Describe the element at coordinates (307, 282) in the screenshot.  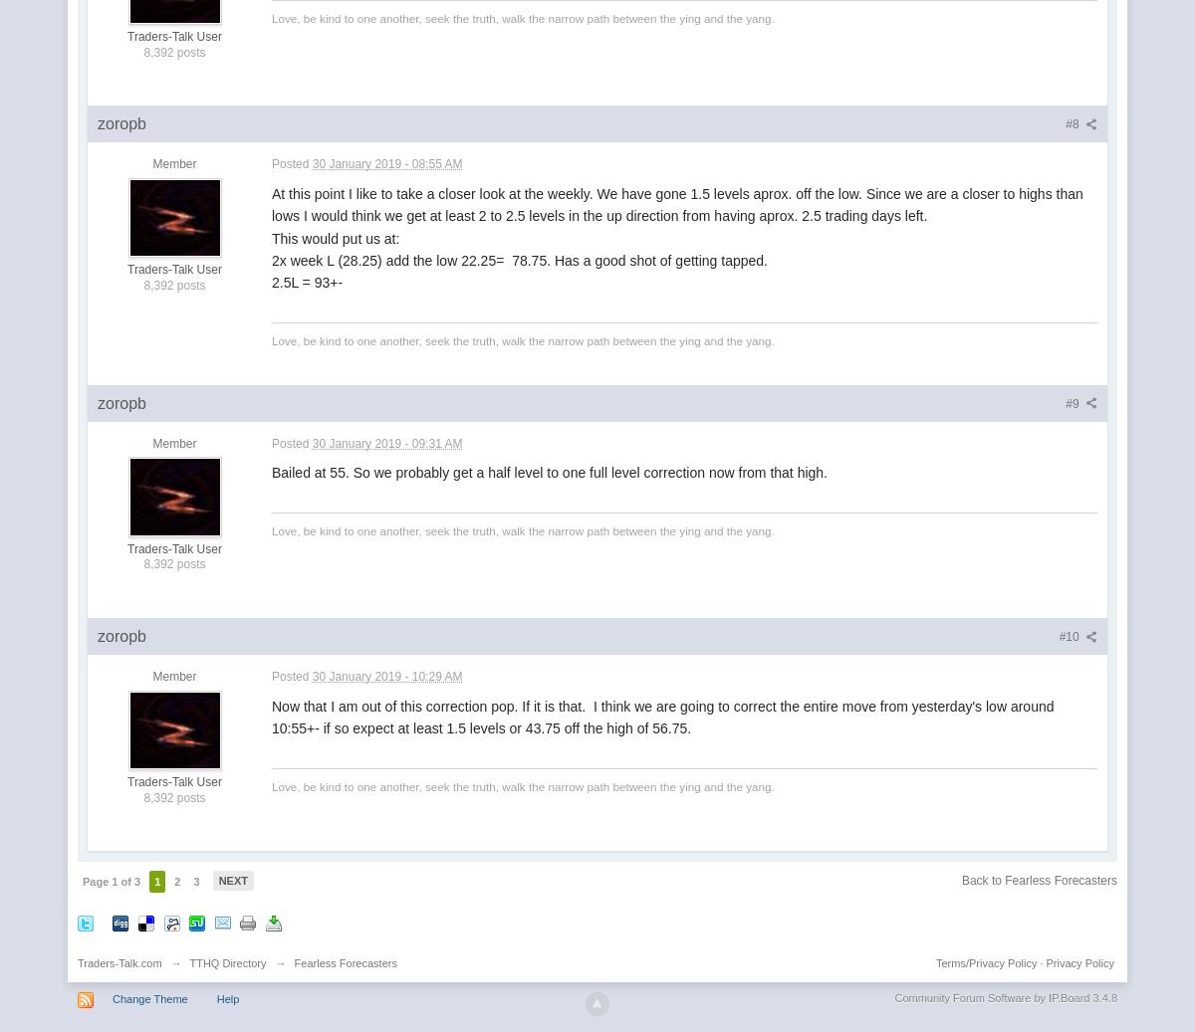
I see `'2.5L = 93+-'` at that location.